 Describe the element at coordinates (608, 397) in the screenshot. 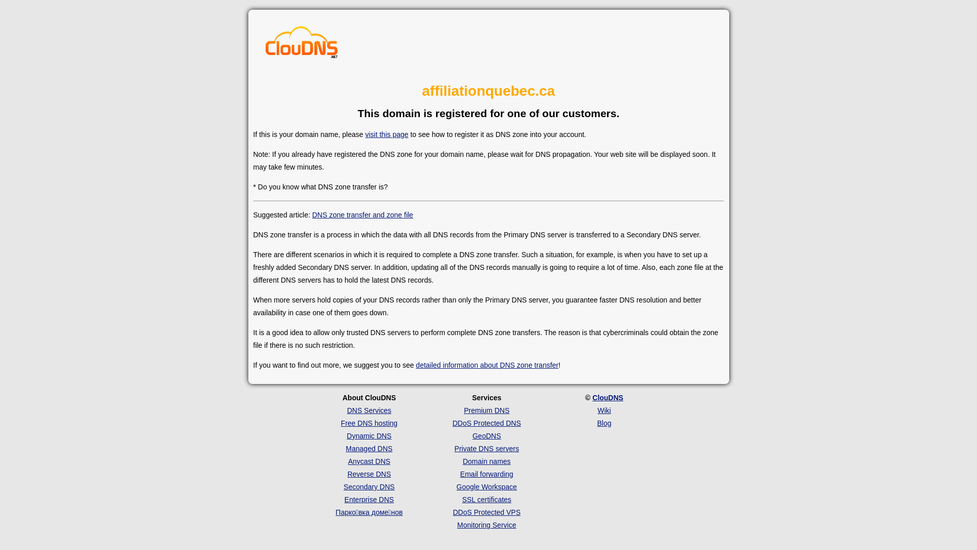

I see `'ClouDNS'` at that location.